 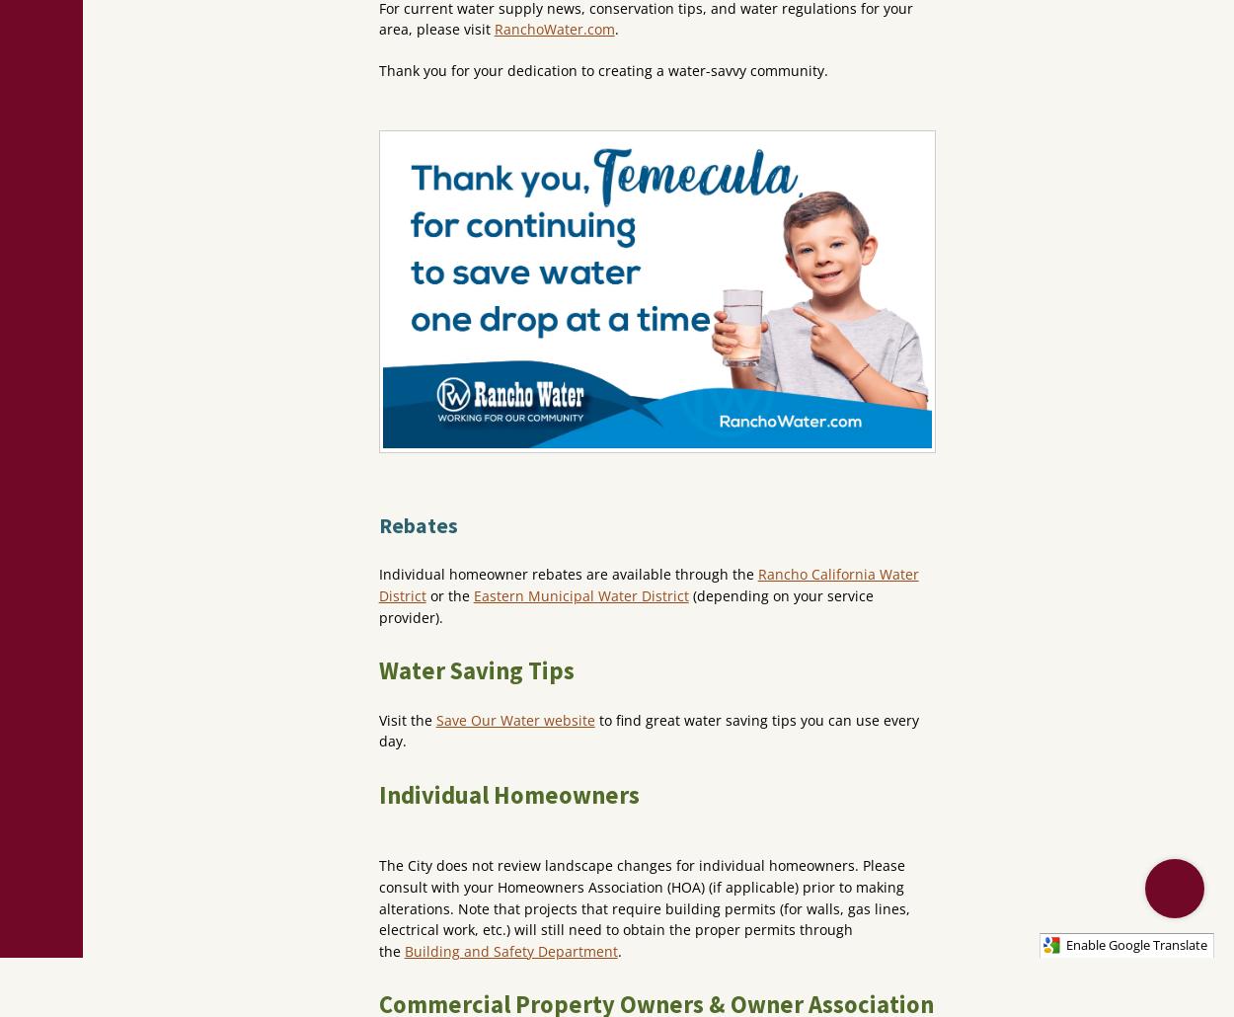 What do you see at coordinates (378, 585) in the screenshot?
I see `'Rancho California Water District'` at bounding box center [378, 585].